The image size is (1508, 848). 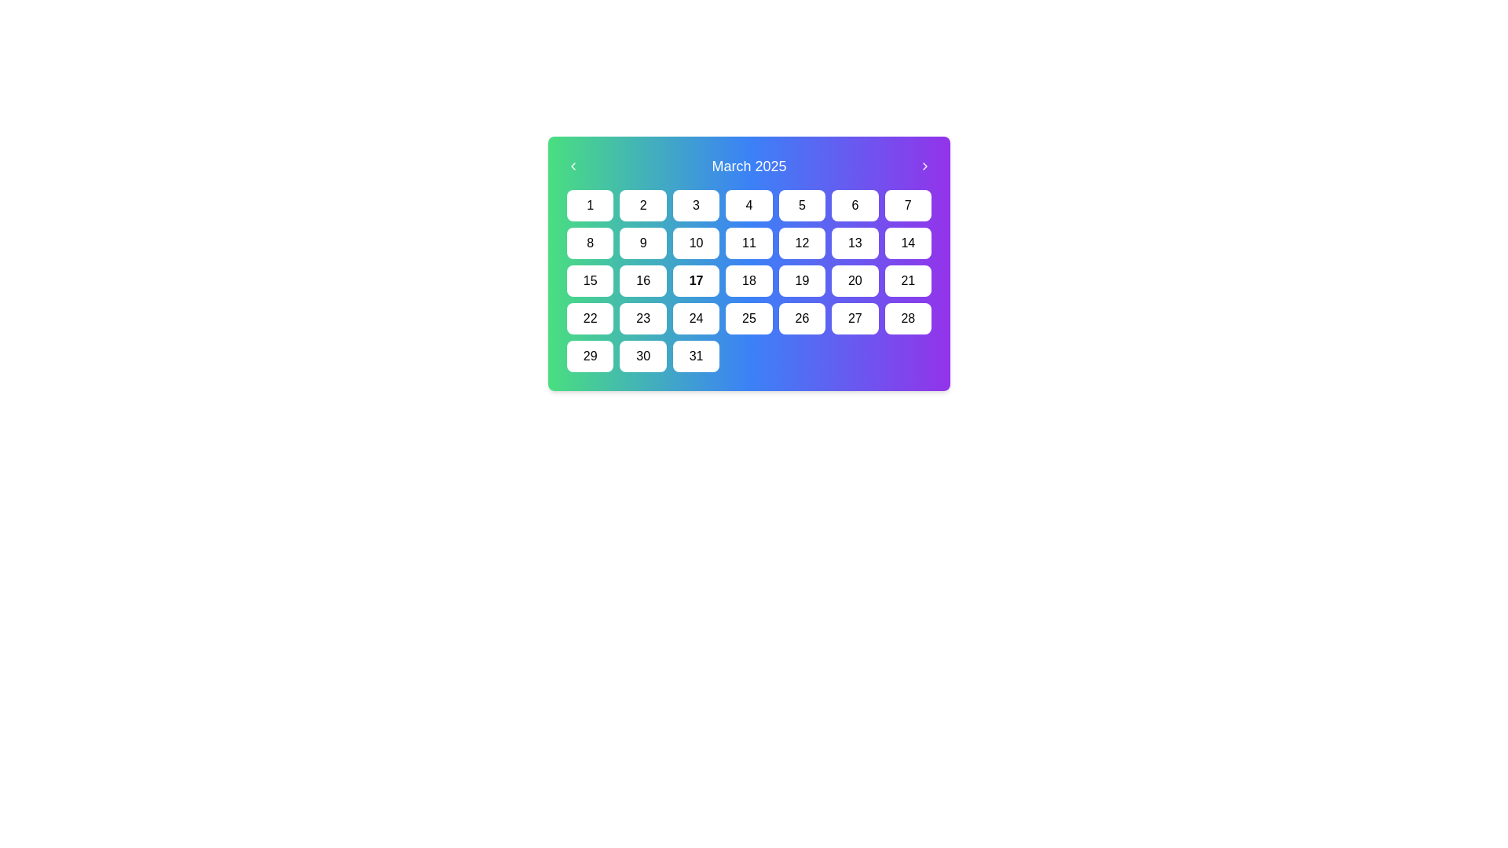 What do you see at coordinates (908, 318) in the screenshot?
I see `the static calendar date cell representing the 28th day of the month, located in the last position of the fourth row in a 7x5 grid layout` at bounding box center [908, 318].